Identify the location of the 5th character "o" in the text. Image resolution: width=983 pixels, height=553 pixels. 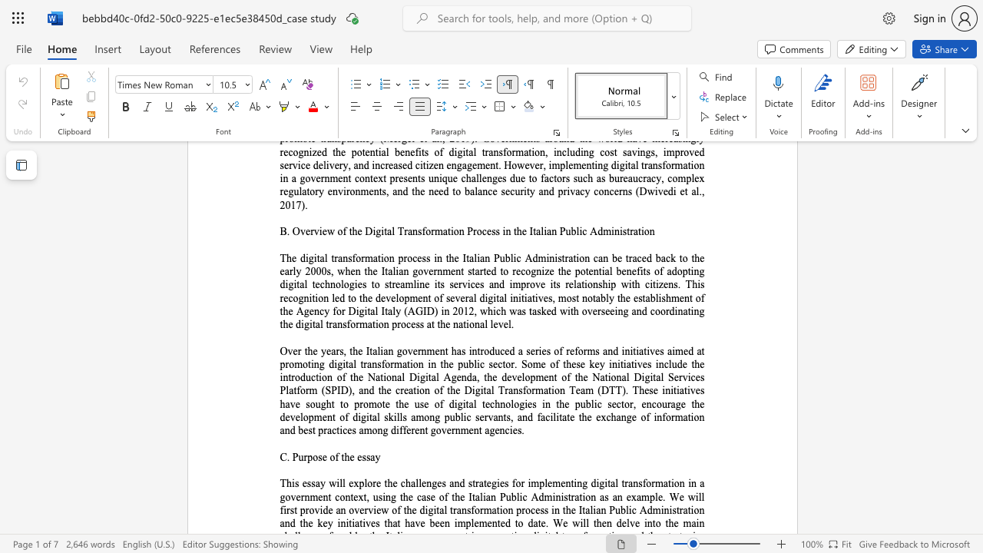
(508, 403).